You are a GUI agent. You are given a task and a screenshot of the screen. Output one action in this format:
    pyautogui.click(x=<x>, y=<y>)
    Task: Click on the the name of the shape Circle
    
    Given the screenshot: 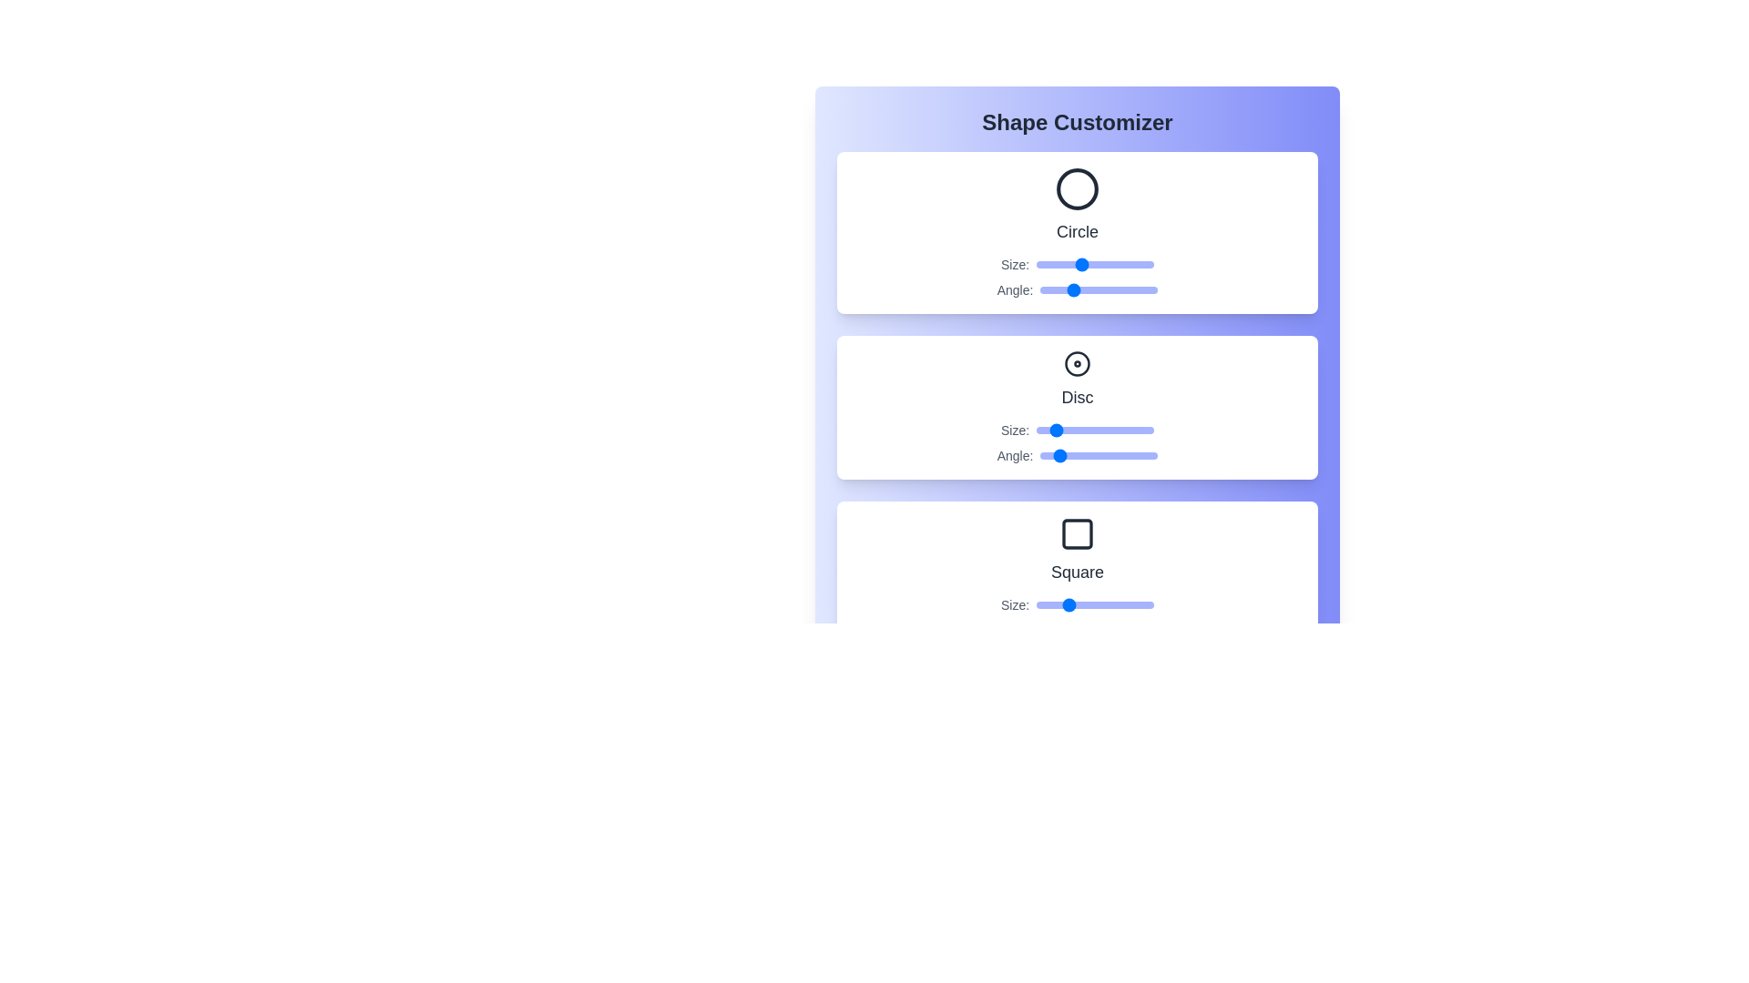 What is the action you would take?
    pyautogui.click(x=1077, y=230)
    